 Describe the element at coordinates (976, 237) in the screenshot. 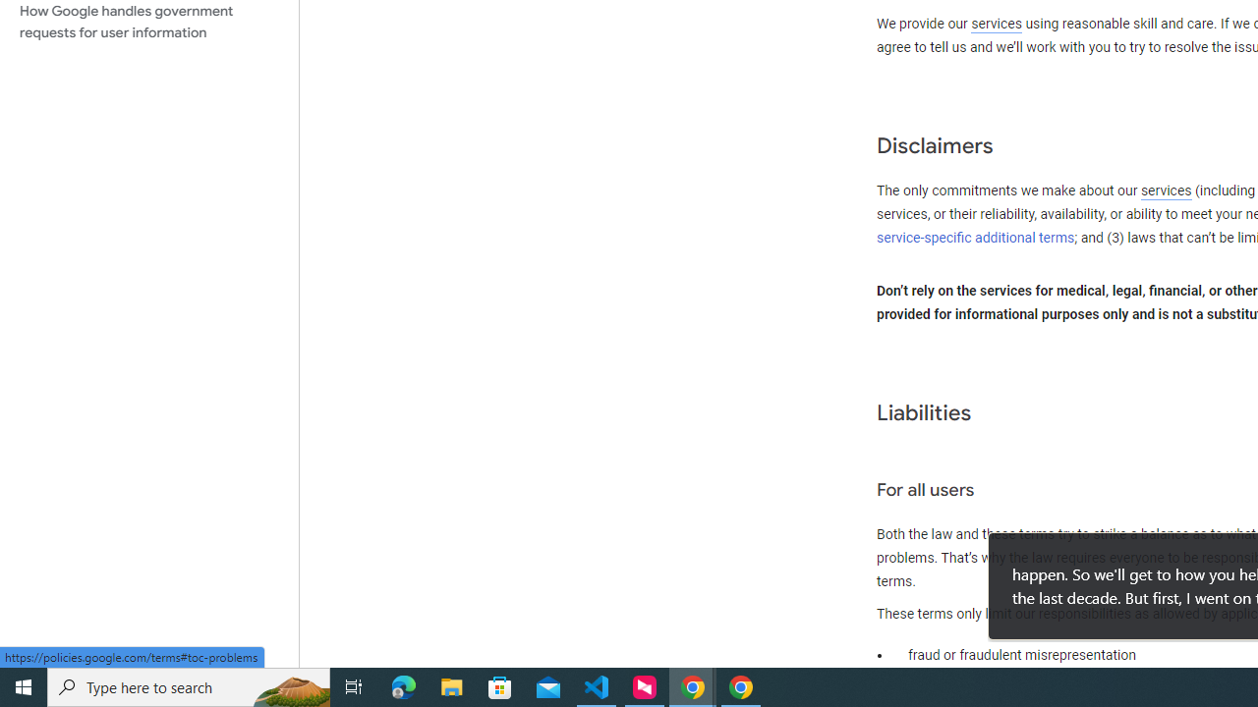

I see `'service-specific additional terms'` at that location.